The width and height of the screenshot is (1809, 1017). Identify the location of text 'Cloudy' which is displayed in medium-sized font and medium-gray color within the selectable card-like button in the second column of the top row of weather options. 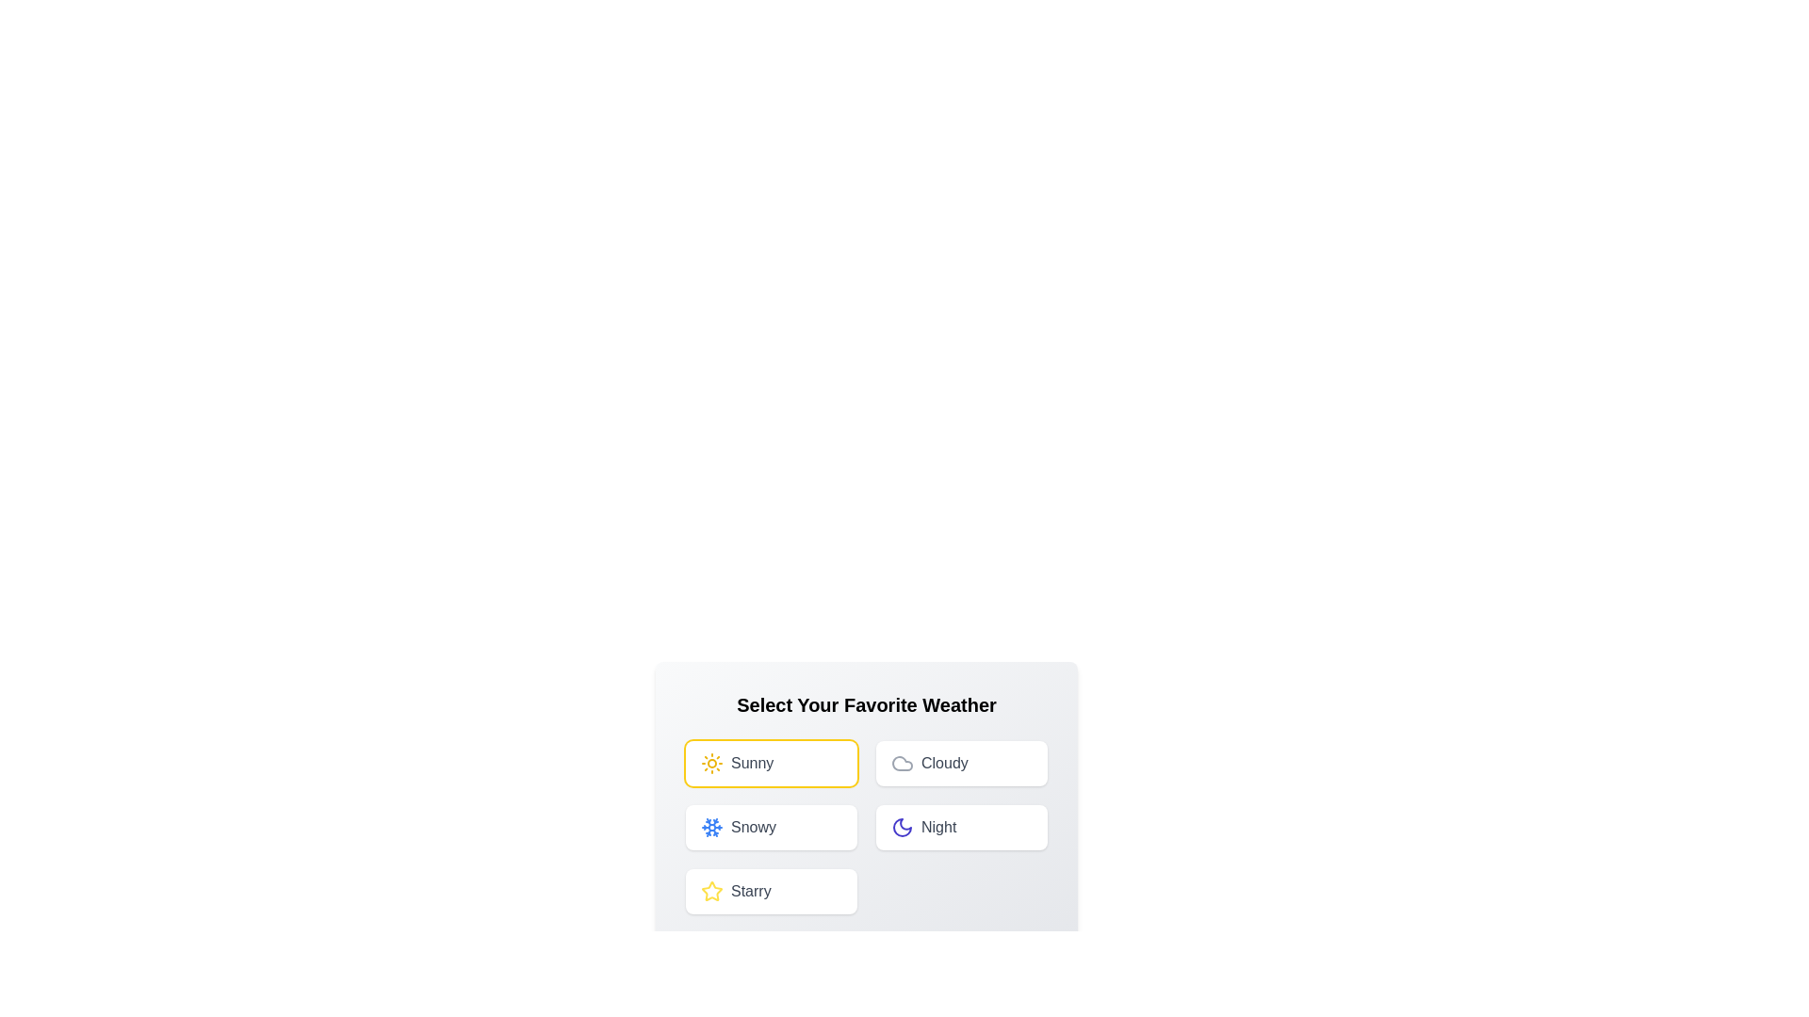
(944, 763).